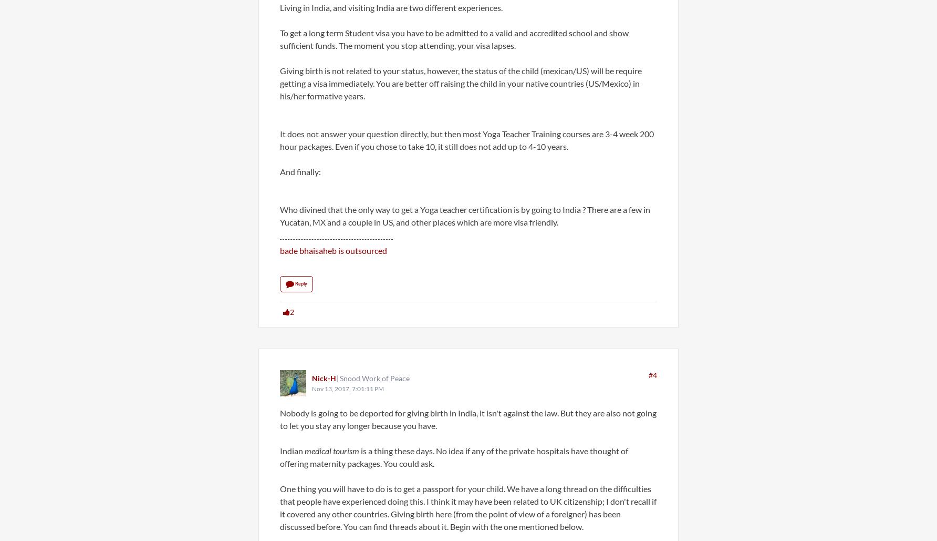  Describe the element at coordinates (331, 450) in the screenshot. I see `'medical tourism'` at that location.